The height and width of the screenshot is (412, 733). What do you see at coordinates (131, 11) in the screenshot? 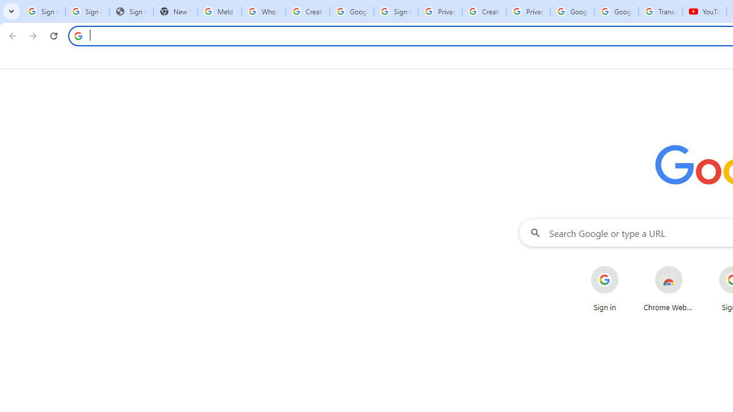
I see `'Sign In - USA TODAY'` at bounding box center [131, 11].